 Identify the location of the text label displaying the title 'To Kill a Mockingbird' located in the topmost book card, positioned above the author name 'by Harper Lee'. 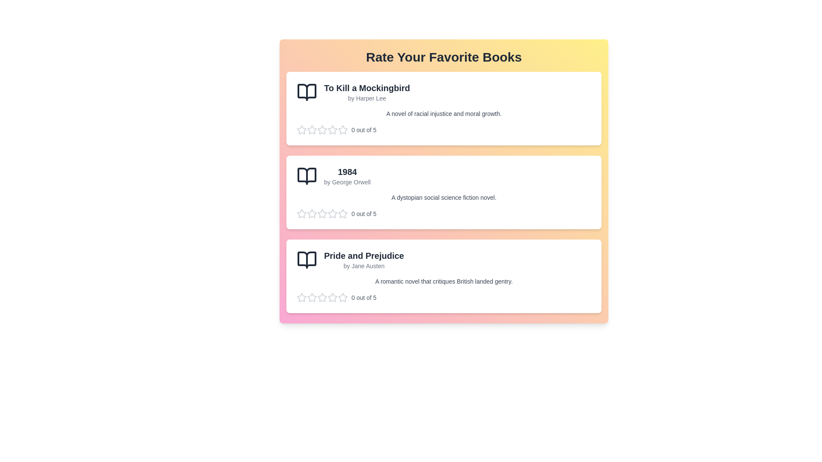
(367, 88).